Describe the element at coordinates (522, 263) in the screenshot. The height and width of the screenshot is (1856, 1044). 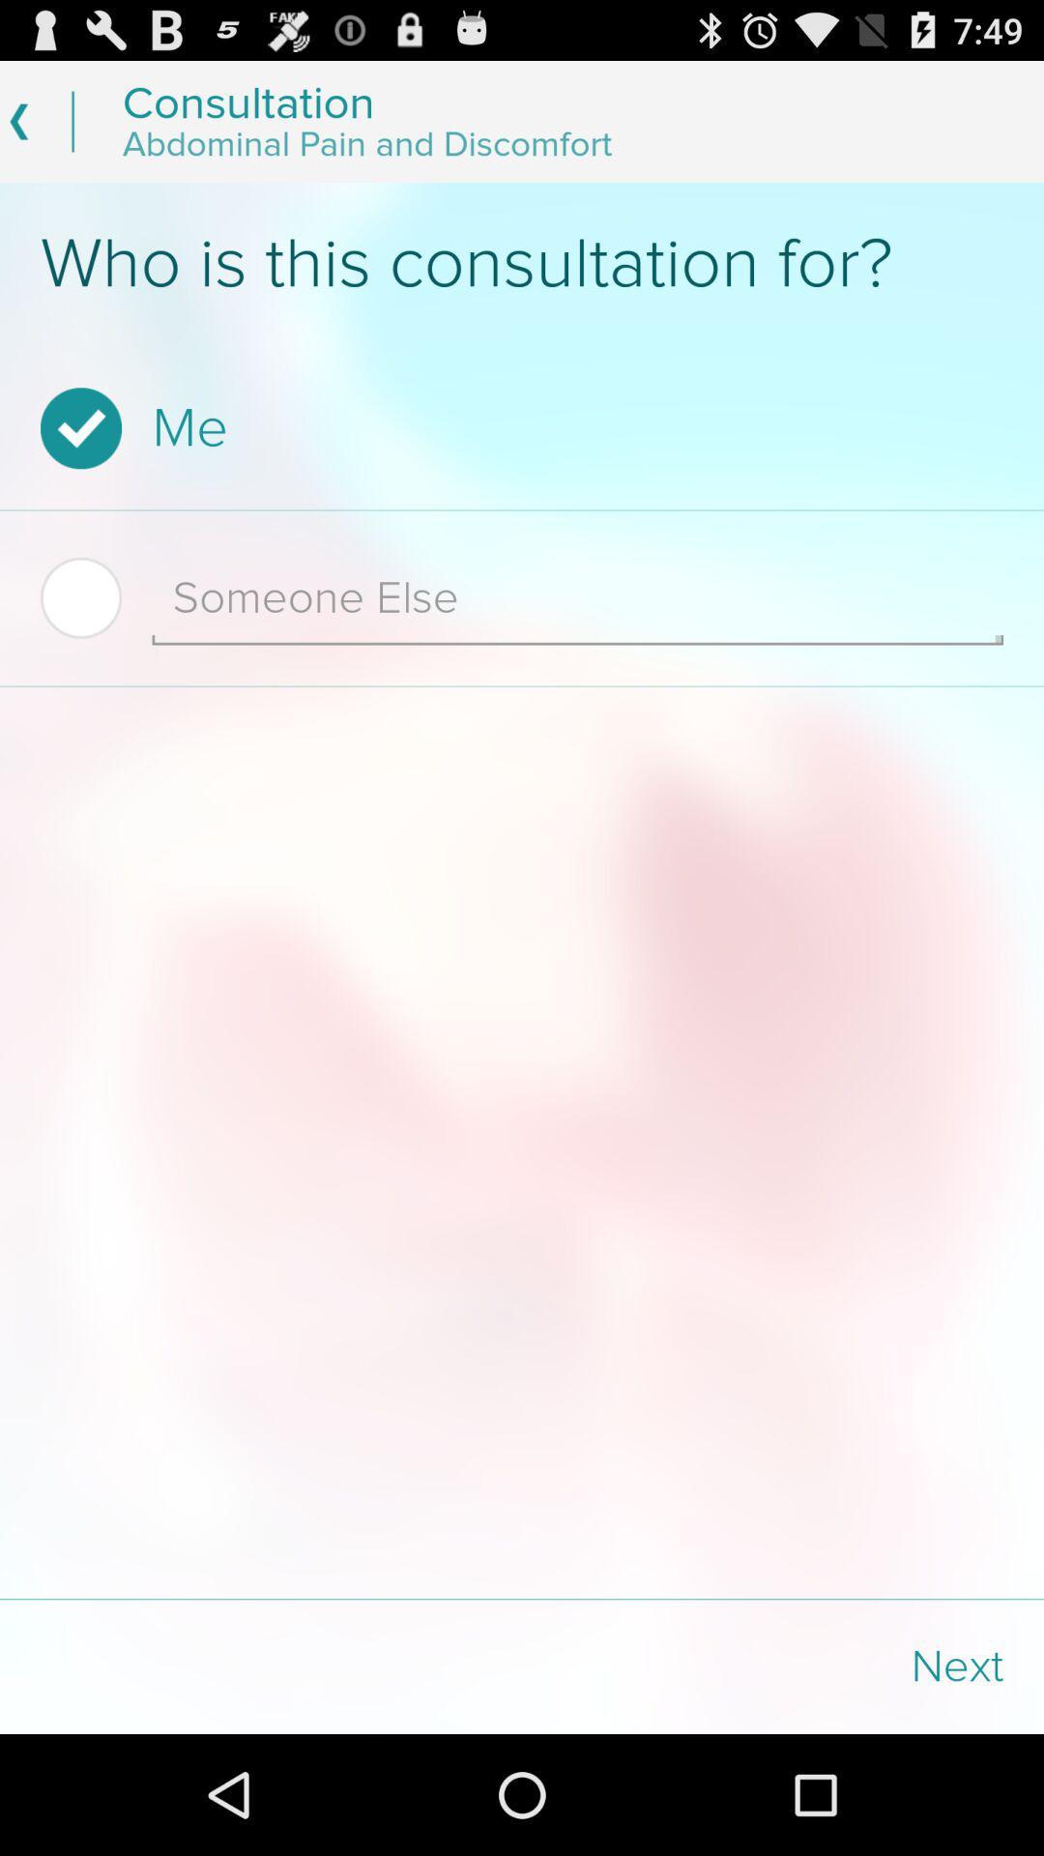
I see `the icon below abdominal pain and icon` at that location.